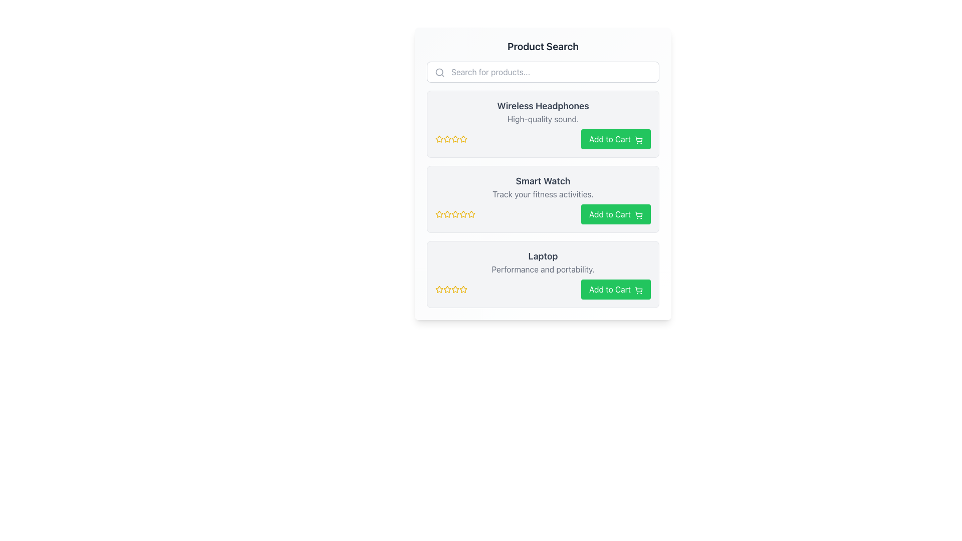 The width and height of the screenshot is (962, 541). Describe the element at coordinates (454, 289) in the screenshot. I see `the second star icon in the rating section of the 'Laptop' product card, which is the third card in a vertically stacked list` at that location.